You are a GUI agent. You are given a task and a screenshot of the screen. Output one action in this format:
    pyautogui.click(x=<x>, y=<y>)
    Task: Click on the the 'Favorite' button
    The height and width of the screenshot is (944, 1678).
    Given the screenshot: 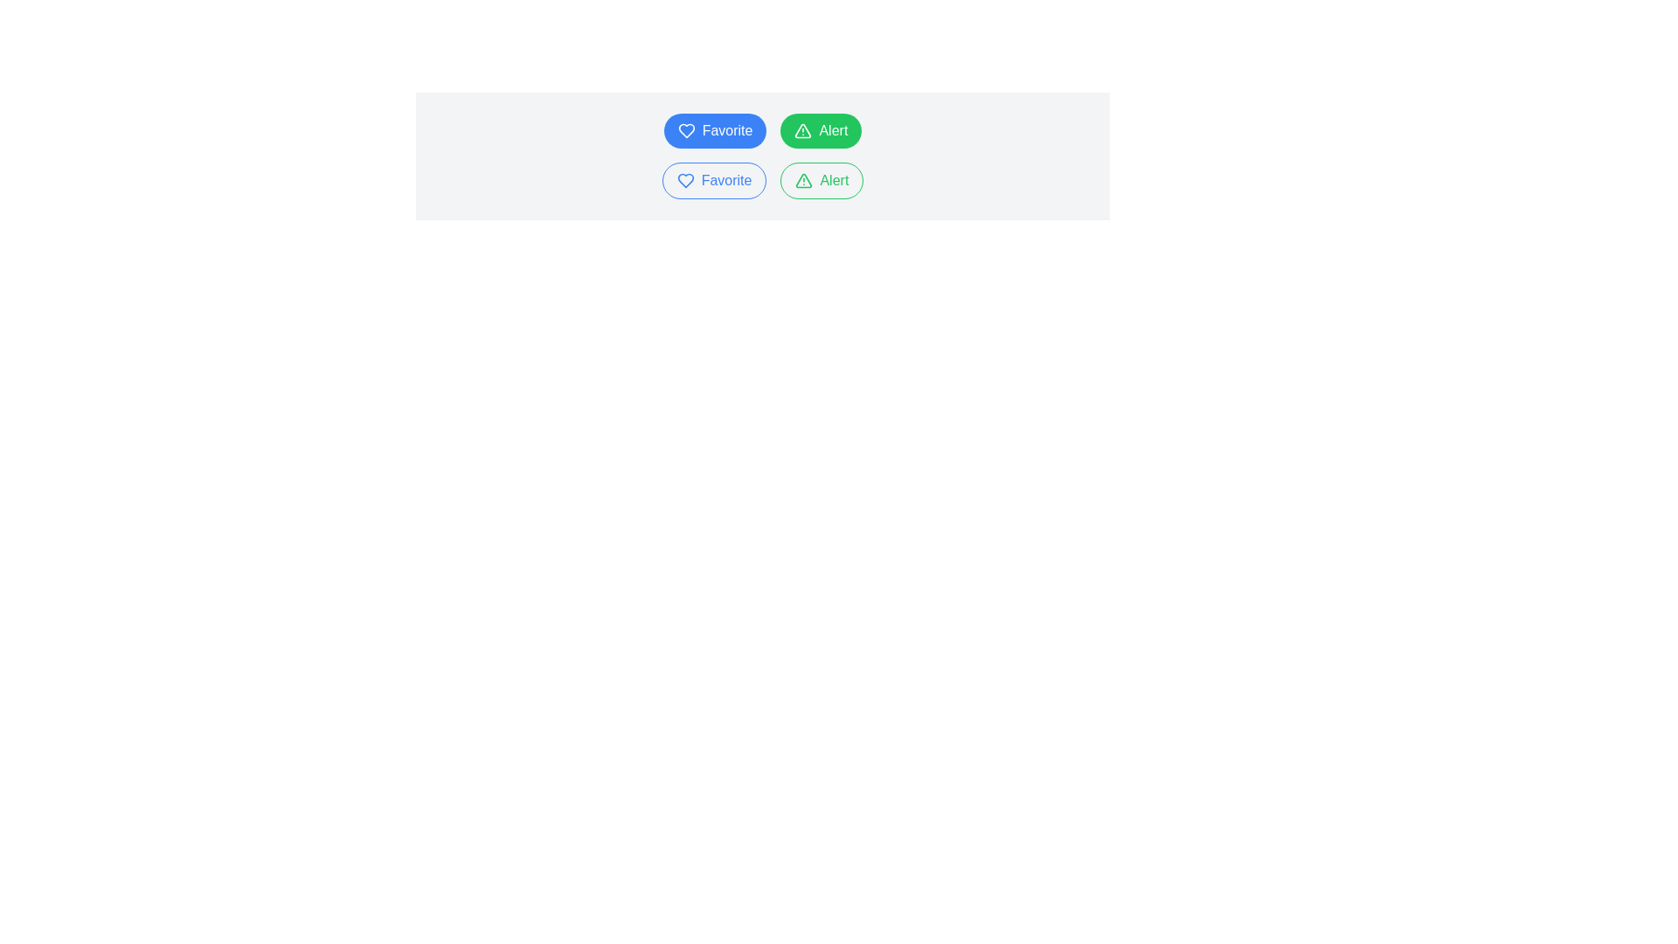 What is the action you would take?
    pyautogui.click(x=715, y=130)
    